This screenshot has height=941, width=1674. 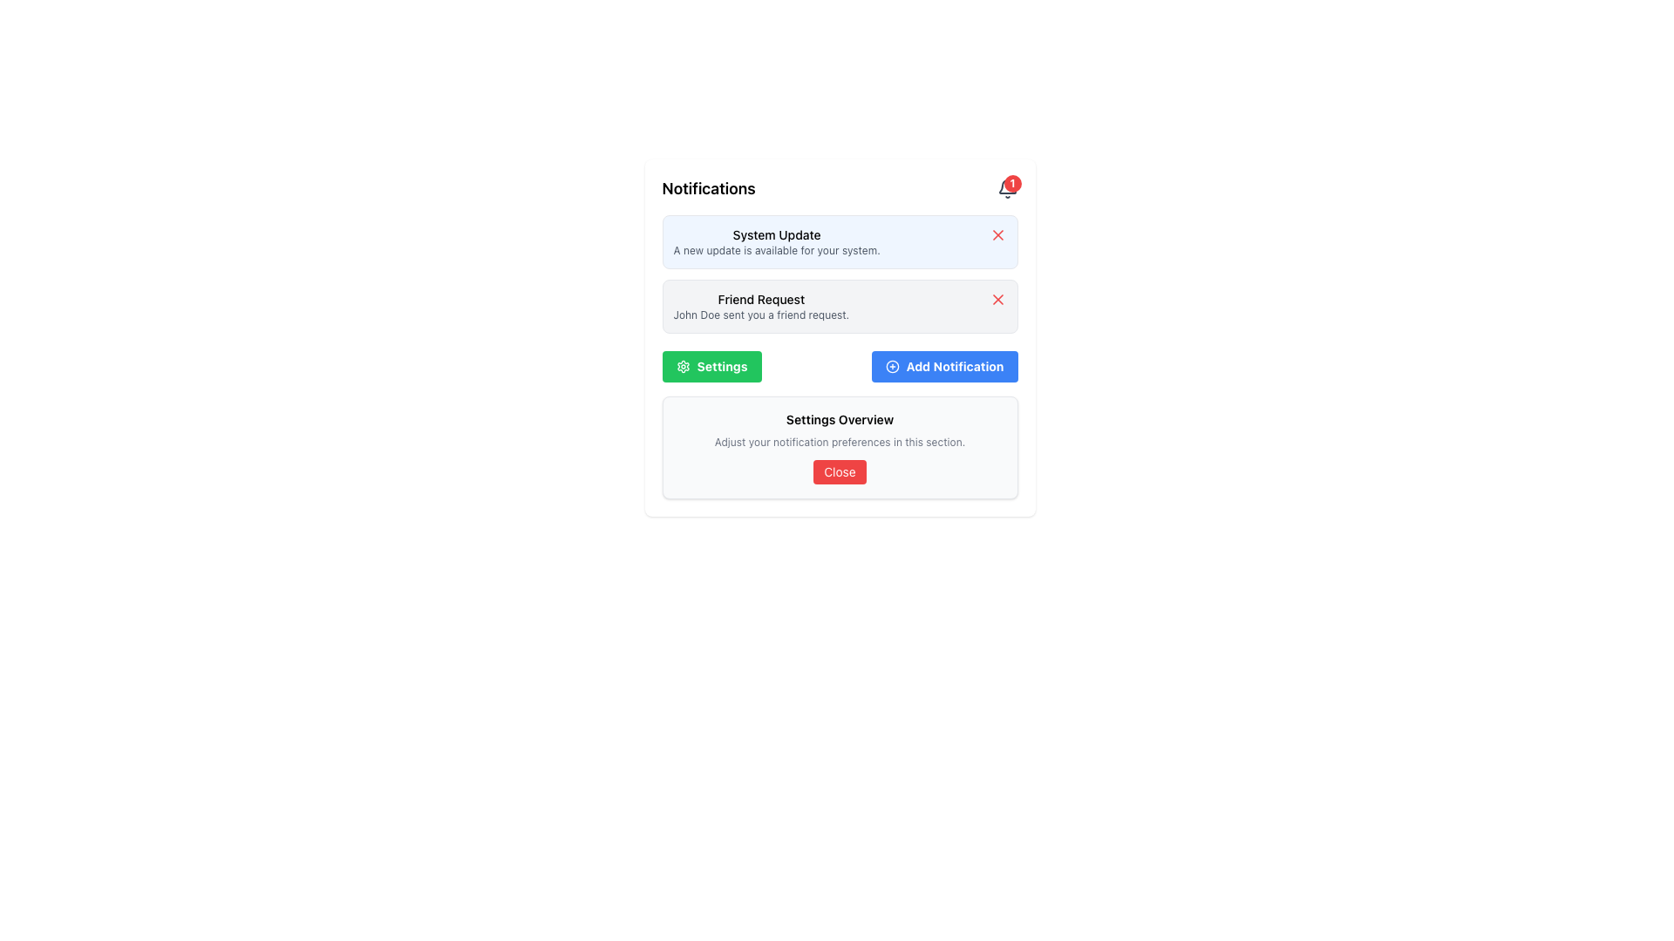 I want to click on the Static Text header displaying 'System Update', which is located at the top of the notification box, so click(x=776, y=235).